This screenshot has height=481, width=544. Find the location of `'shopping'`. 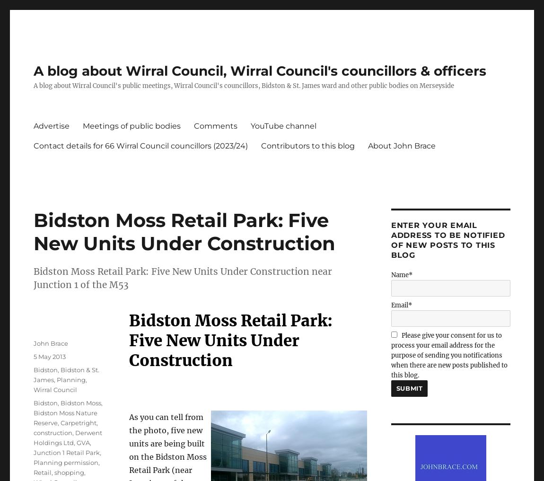

'shopping' is located at coordinates (69, 472).